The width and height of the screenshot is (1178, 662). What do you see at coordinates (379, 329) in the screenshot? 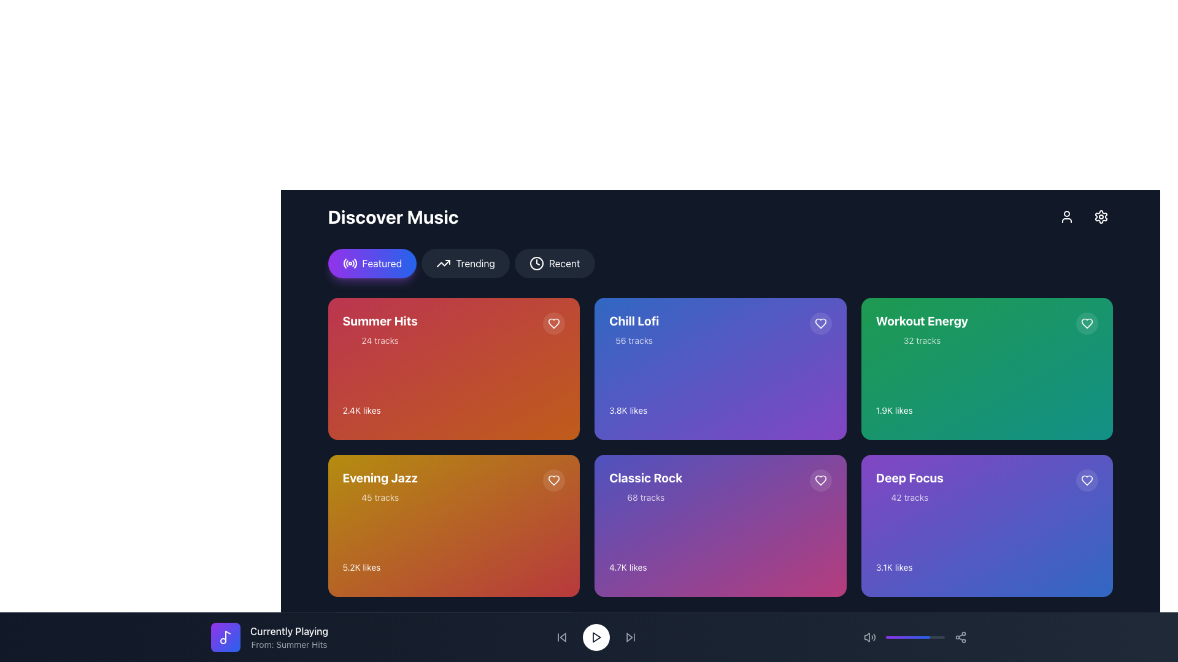
I see `title 'Summer Hits' and the subtitle '24 tracks' from the textual label located in the top-left corner of the Discover Music section, inside the first card of the music options grid` at bounding box center [379, 329].